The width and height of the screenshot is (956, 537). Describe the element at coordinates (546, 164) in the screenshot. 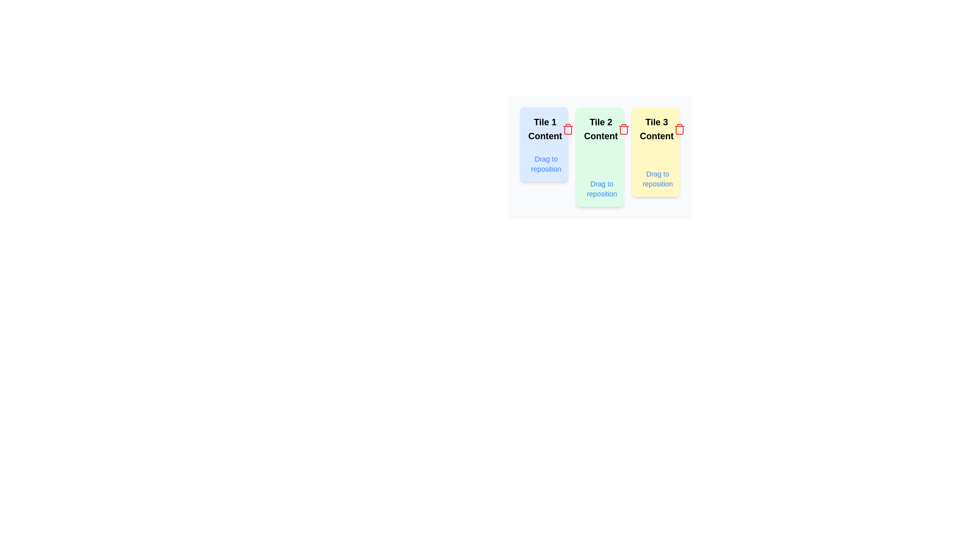

I see `the text label that reads 'Drag to reposition', which is styled in a small blue font and positioned in the bottom center of the first tile with a light blue background` at that location.